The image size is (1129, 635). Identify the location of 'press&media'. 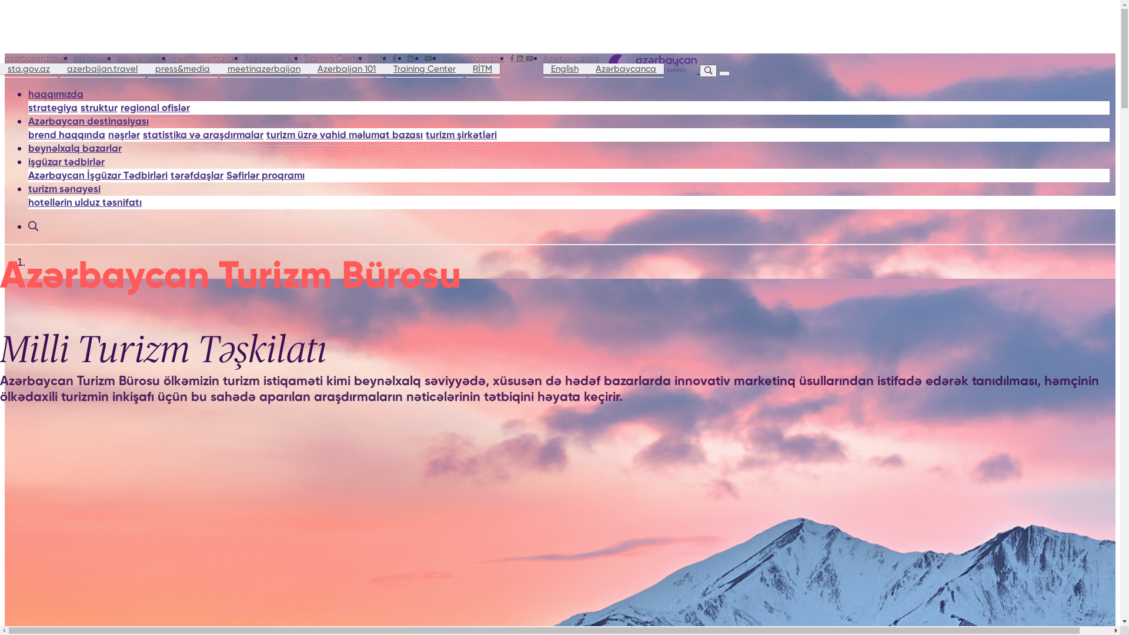
(141, 58).